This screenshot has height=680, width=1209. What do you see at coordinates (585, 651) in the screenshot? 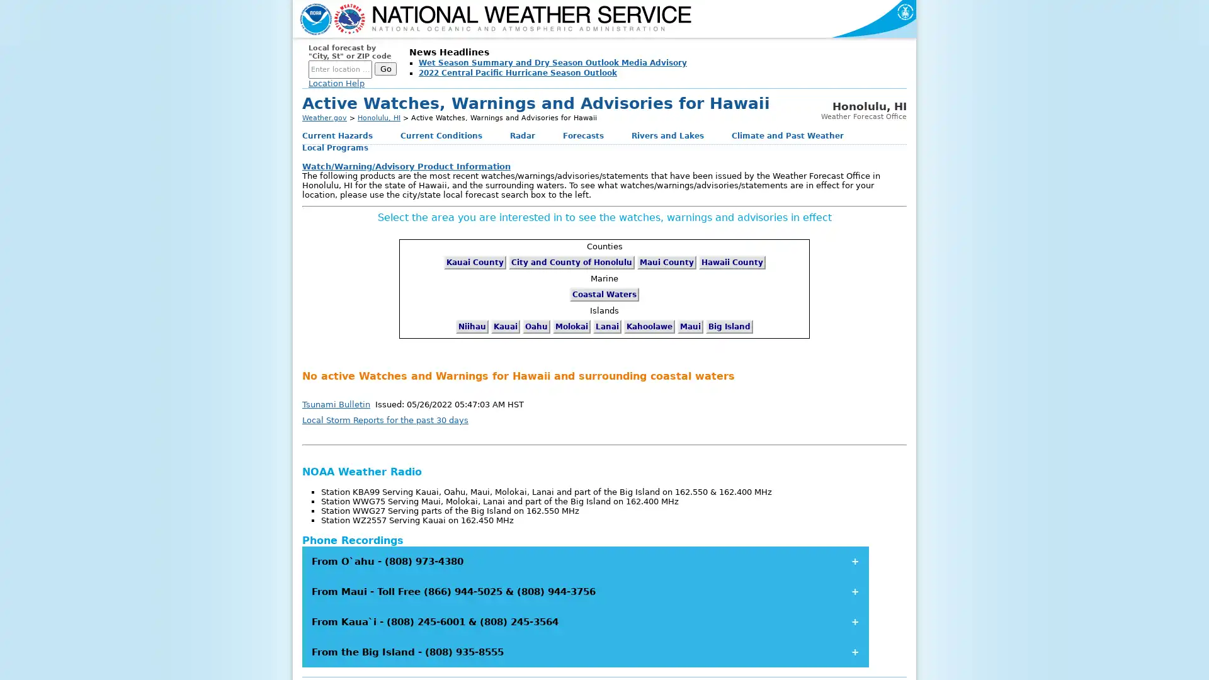
I see `From the Big Island - (808) 935-8555 +` at bounding box center [585, 651].